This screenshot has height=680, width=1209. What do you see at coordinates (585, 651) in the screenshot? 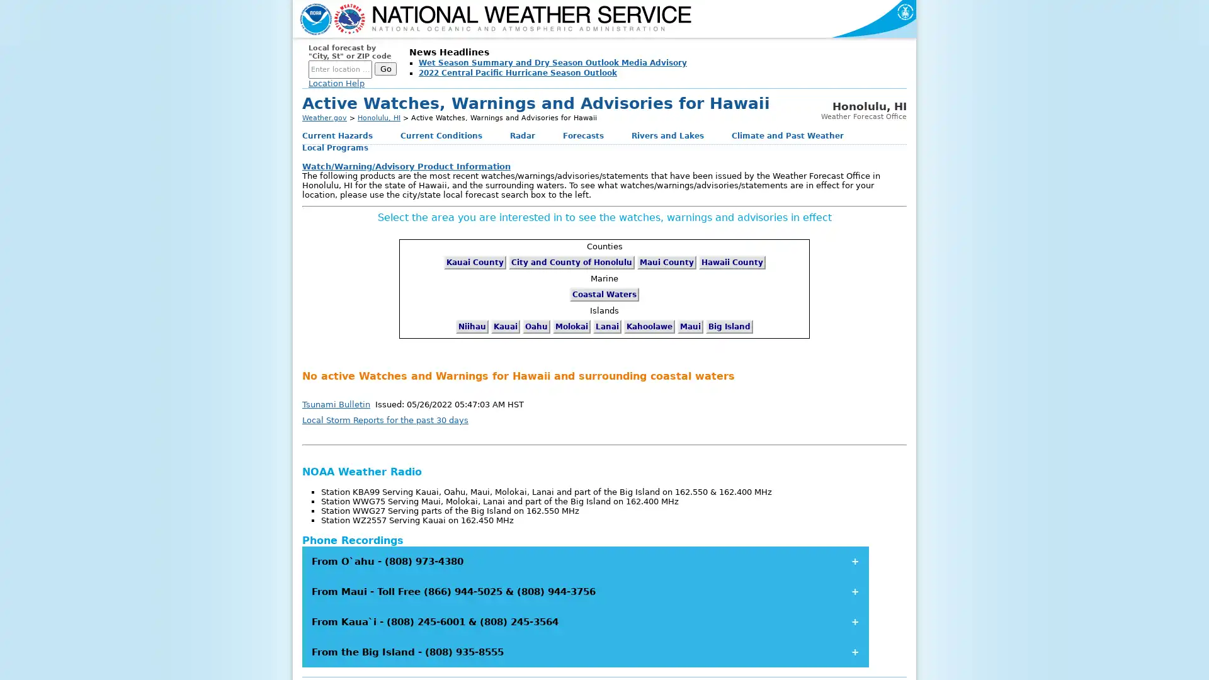
I see `From the Big Island - (808) 935-8555 +` at bounding box center [585, 651].